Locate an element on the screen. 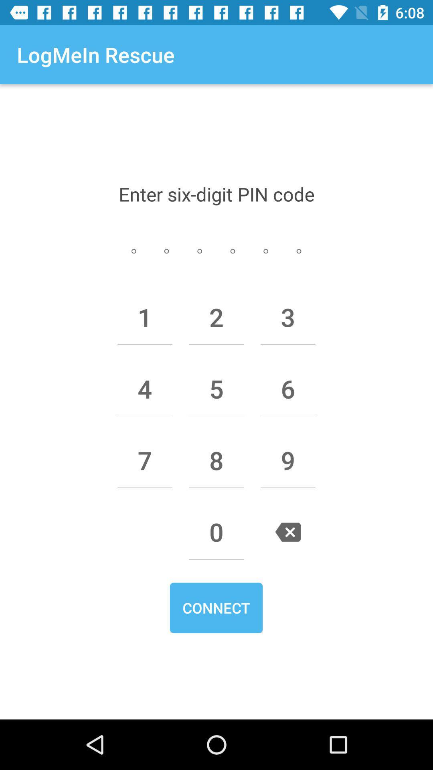 Image resolution: width=433 pixels, height=770 pixels. item to the left of the 6 item is located at coordinates (216, 389).